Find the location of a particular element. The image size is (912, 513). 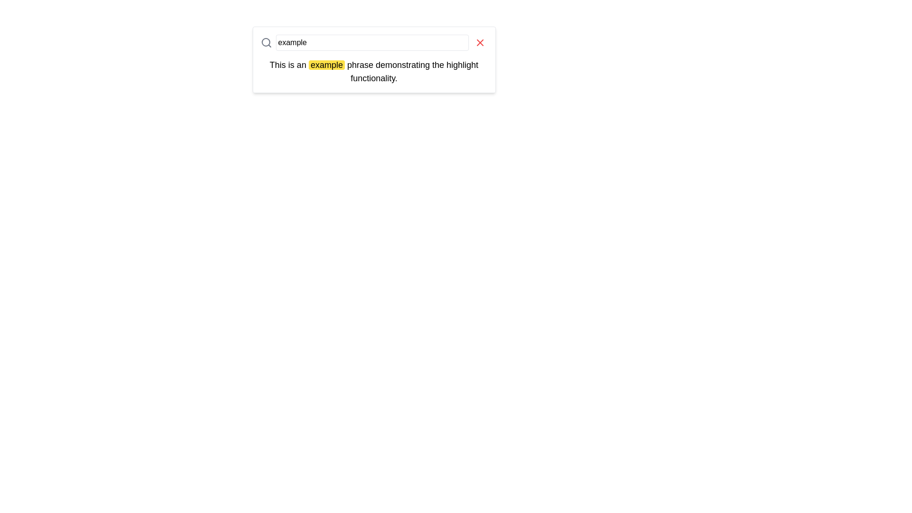

the small gray magnifying glass icon representing search functionality located in the horizontal bar near the leftmost side, preceding the text input field labeled 'example' is located at coordinates (266, 42).